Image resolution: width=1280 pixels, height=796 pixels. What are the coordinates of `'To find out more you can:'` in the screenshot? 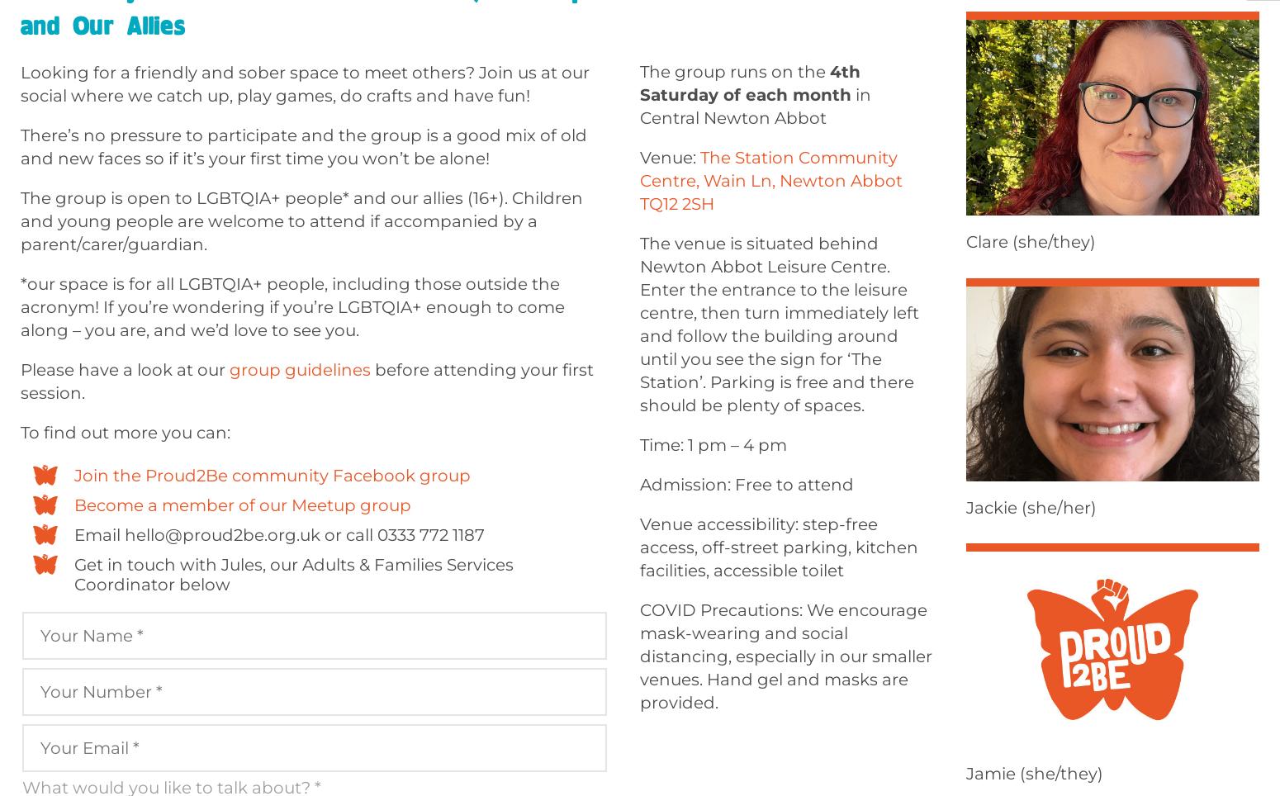 It's located at (126, 433).